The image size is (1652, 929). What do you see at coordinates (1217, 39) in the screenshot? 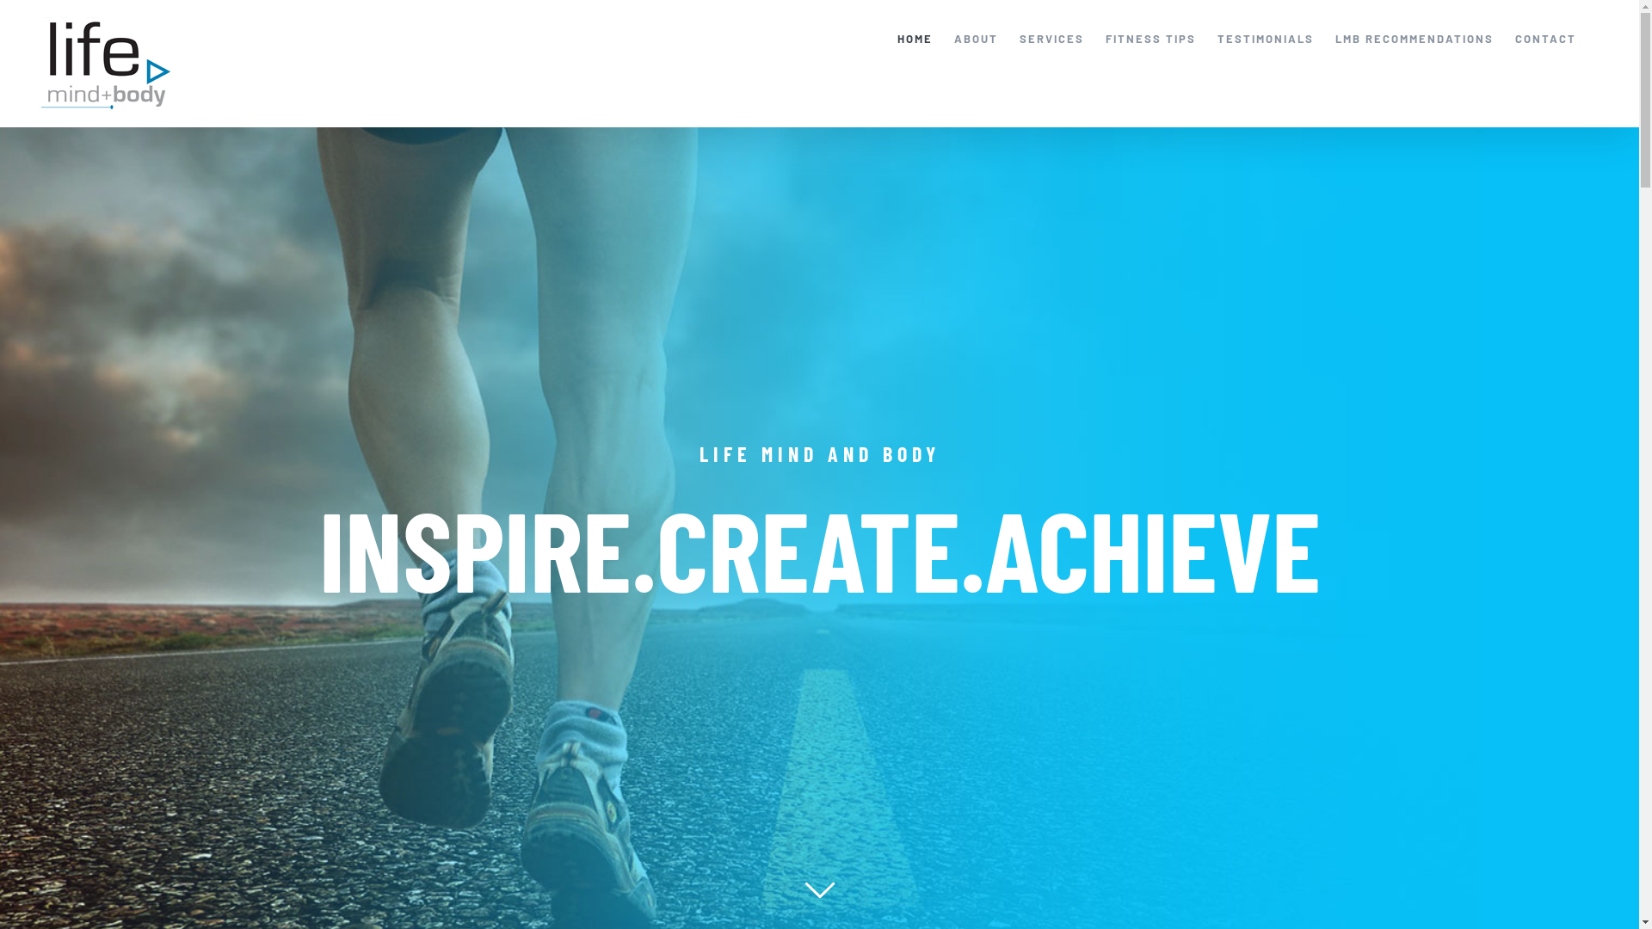
I see `'TESTIMONIALS'` at bounding box center [1217, 39].